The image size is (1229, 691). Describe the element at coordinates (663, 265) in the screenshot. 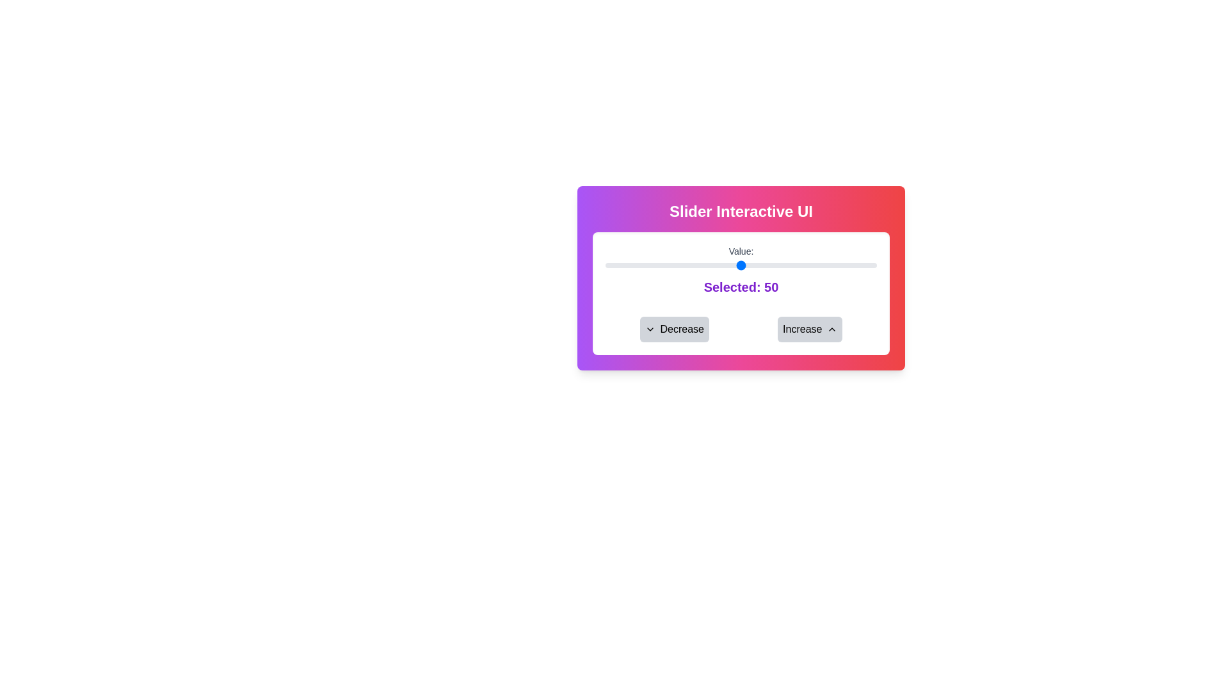

I see `slider value` at that location.